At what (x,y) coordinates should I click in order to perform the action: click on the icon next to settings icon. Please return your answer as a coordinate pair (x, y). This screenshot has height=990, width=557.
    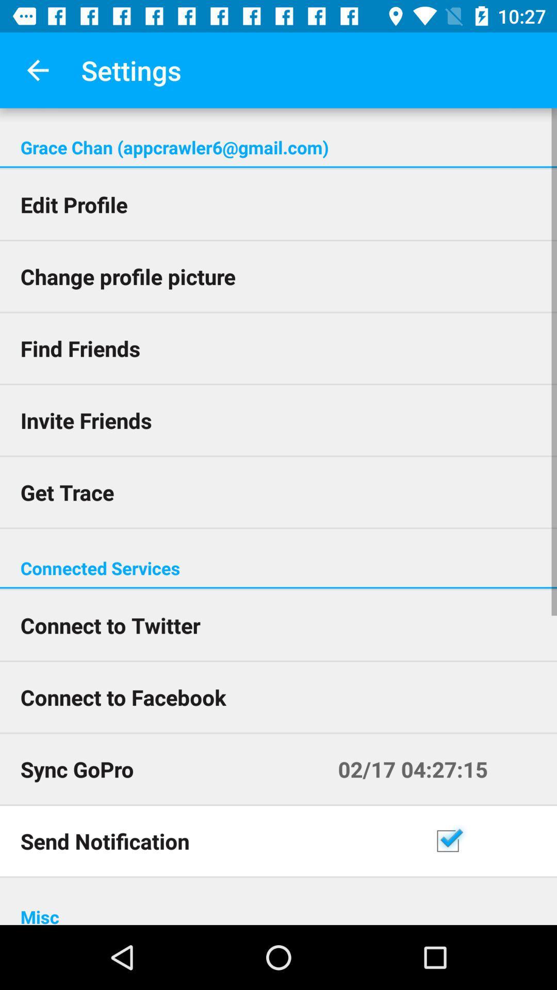
    Looking at the image, I should click on (37, 70).